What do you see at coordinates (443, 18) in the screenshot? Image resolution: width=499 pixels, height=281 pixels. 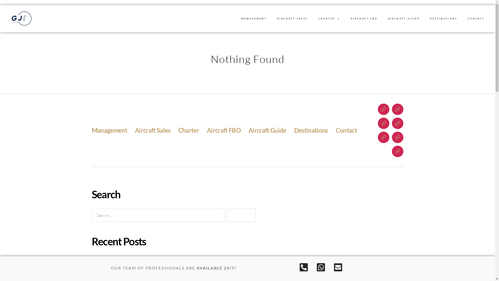 I see `'DESTINATIONS'` at bounding box center [443, 18].